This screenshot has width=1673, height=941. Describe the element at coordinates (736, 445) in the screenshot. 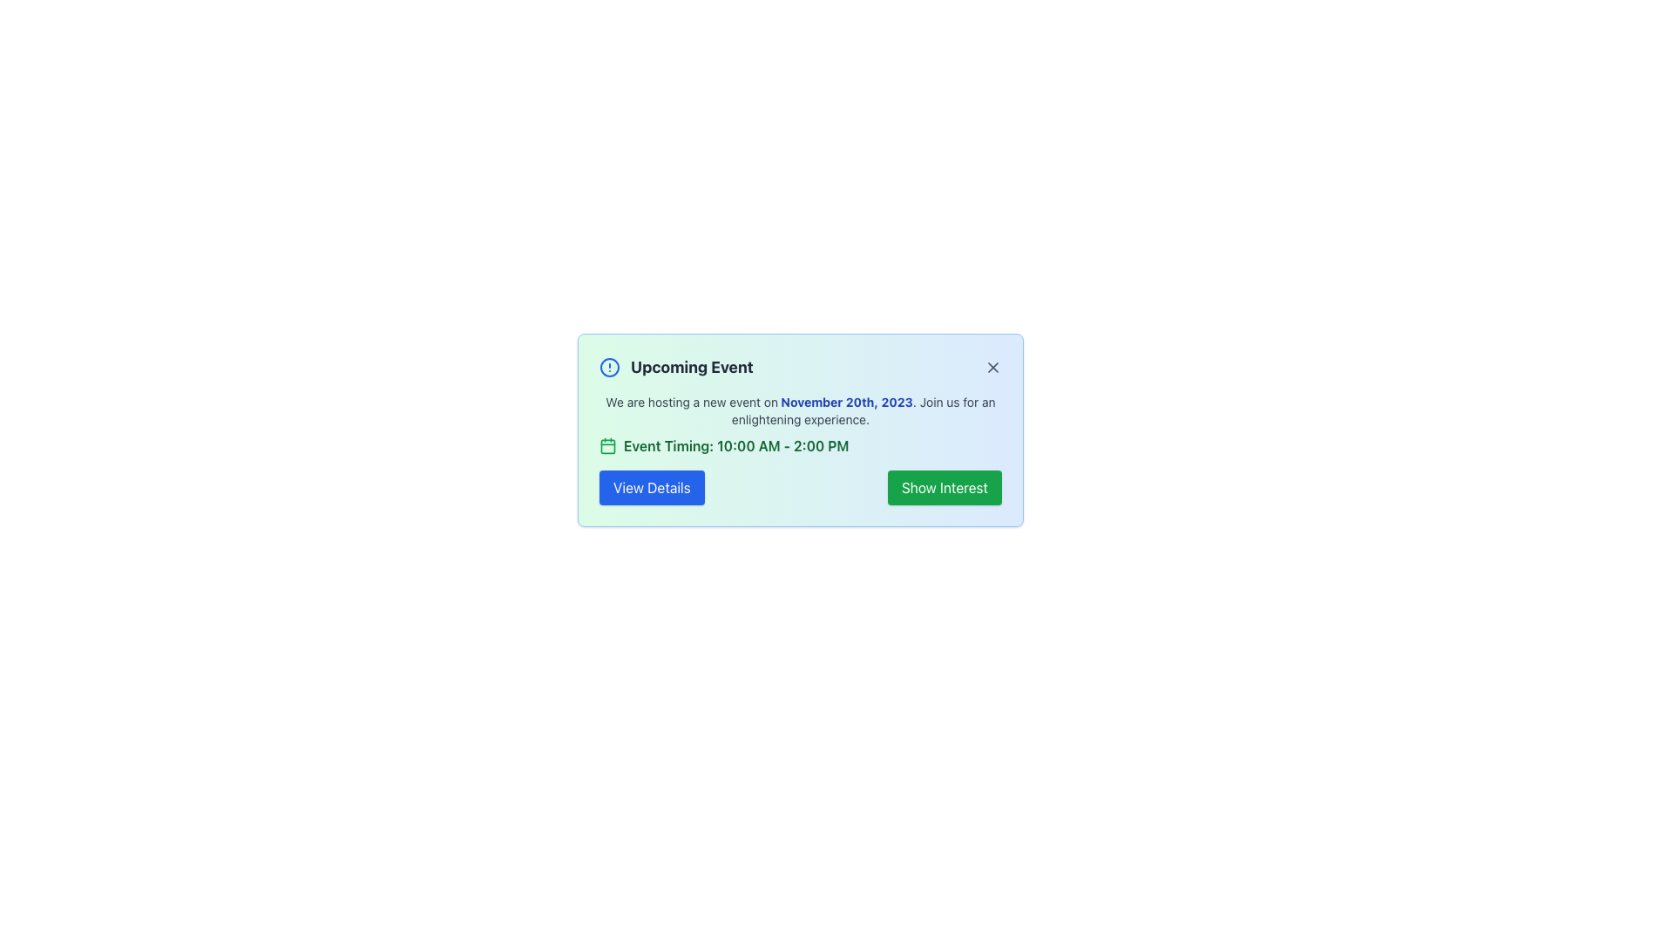

I see `the text label that reads 'Event Timing: 10:00 AM - 2:00 PM', styled in bold green font, which is located next to a green calendar icon within the pop-up interface under 'Upcoming Event'` at that location.